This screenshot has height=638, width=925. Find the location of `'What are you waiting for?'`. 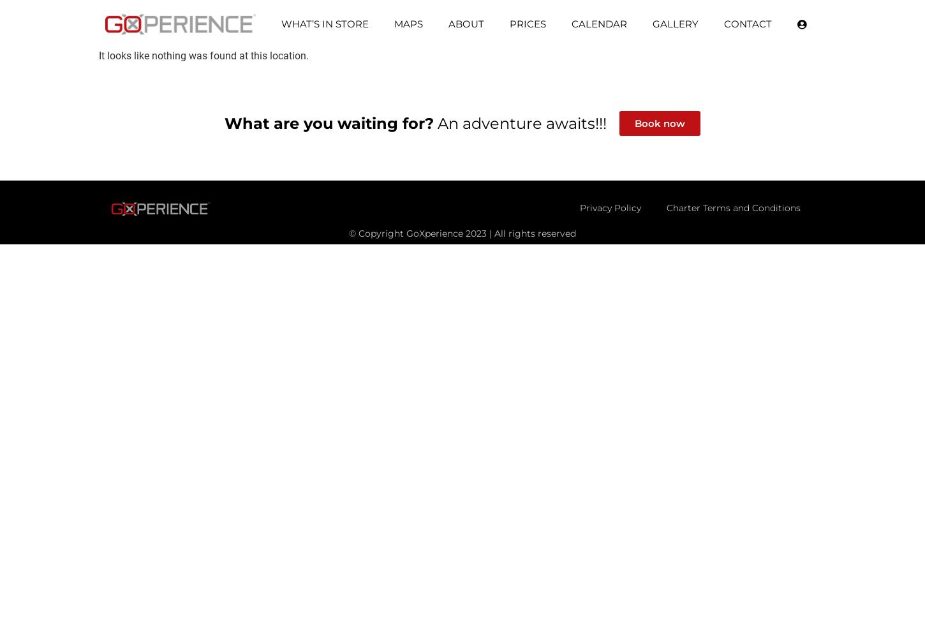

'What are you waiting for?' is located at coordinates (329, 122).